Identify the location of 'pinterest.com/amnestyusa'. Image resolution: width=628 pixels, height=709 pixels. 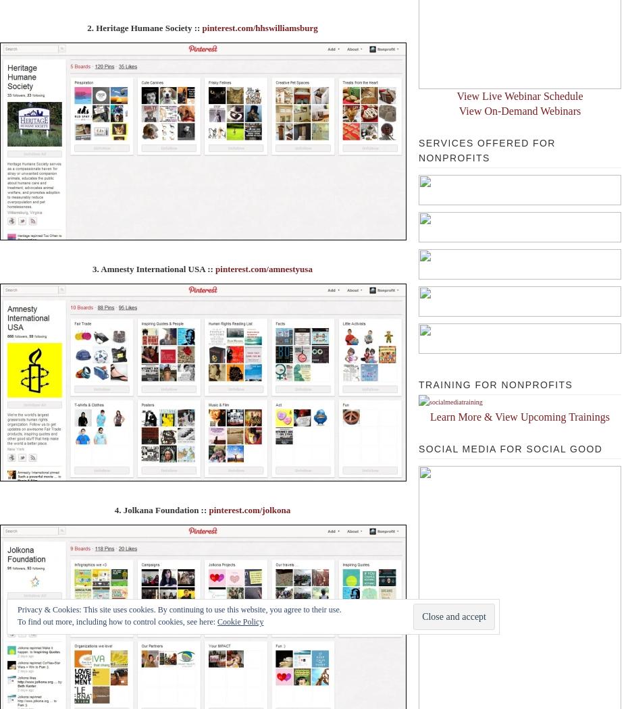
(214, 268).